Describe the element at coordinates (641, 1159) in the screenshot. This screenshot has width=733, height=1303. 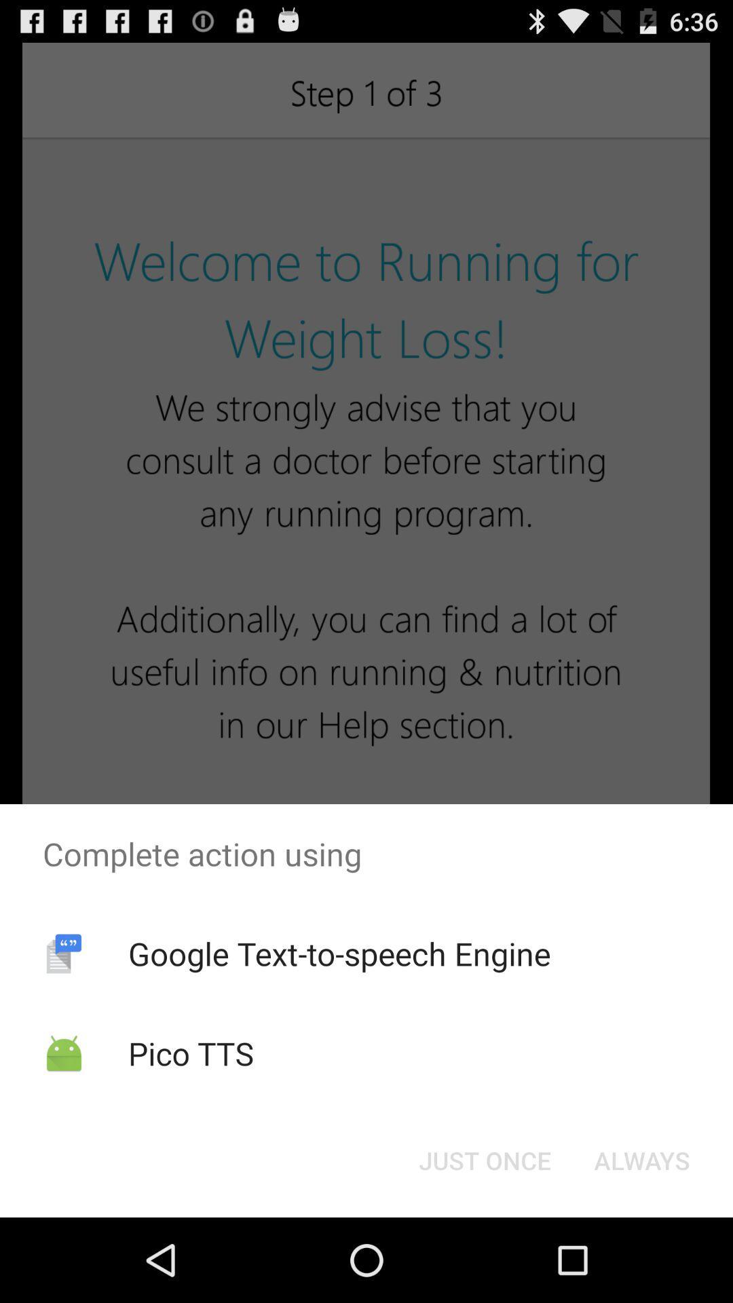
I see `button at the bottom right corner` at that location.